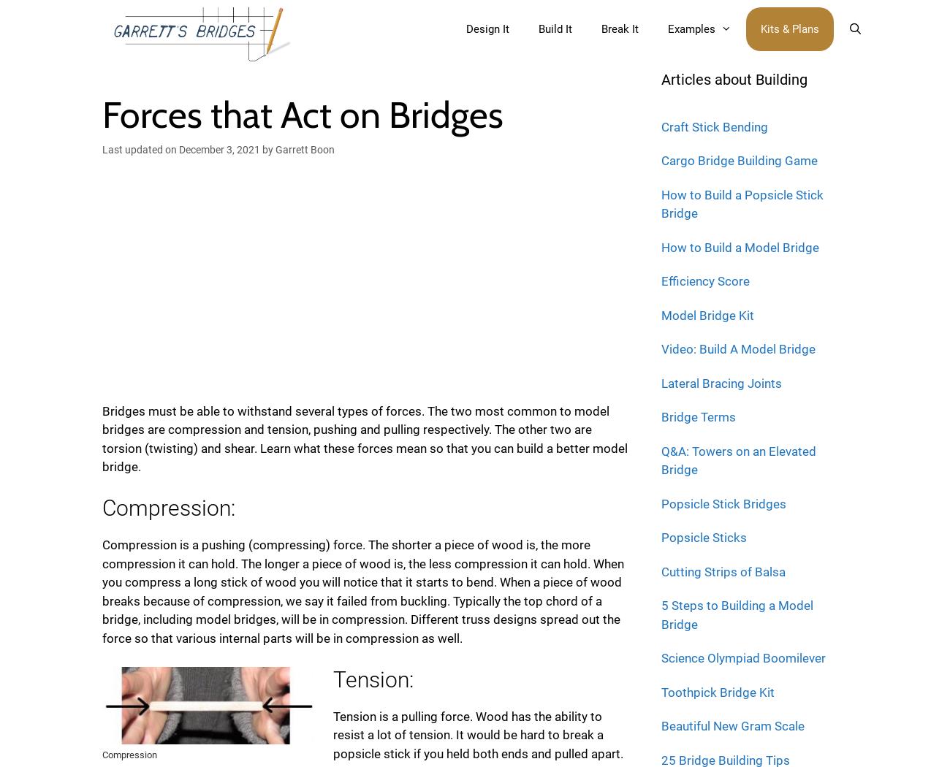 The image size is (950, 767). I want to click on 'Beautiful New Gram Scale', so click(661, 726).